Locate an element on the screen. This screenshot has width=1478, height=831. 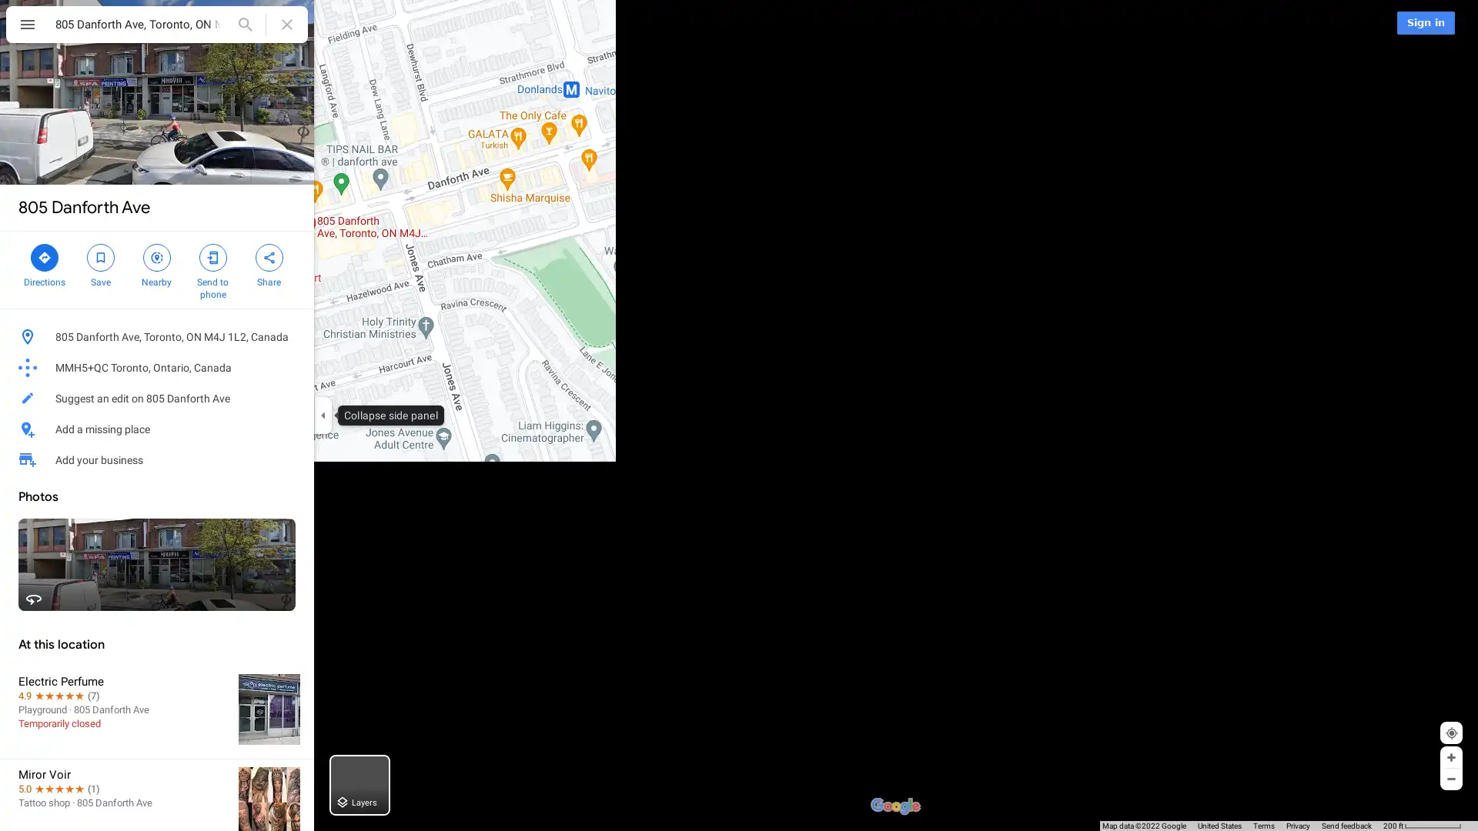
200 ft is located at coordinates (1422, 825).